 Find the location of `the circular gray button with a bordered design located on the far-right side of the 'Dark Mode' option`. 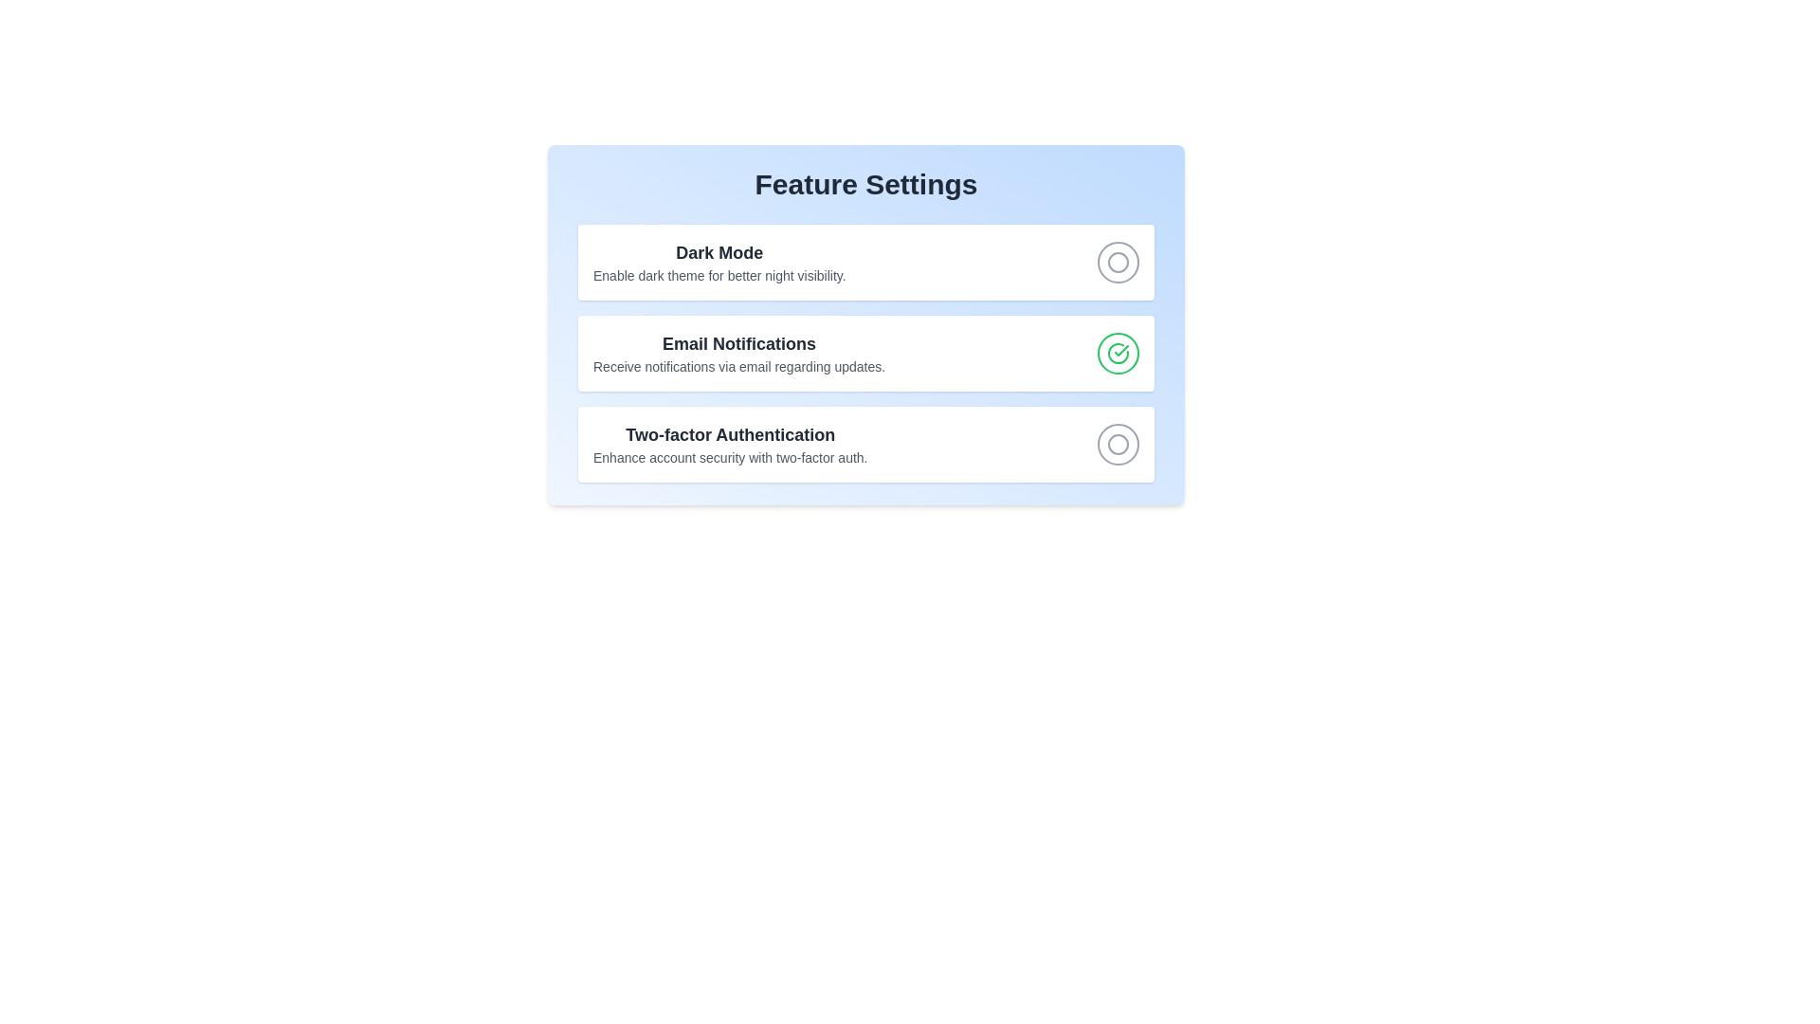

the circular gray button with a bordered design located on the far-right side of the 'Dark Mode' option is located at coordinates (1119, 263).